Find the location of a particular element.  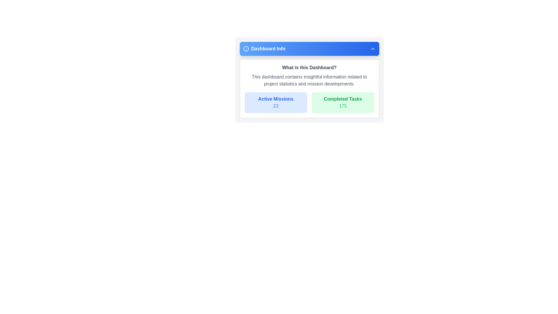

text within the Informational Card element titled 'Dashboard Info', which contains details about 'Active Missions' and 'Completed Tasks' is located at coordinates (309, 80).